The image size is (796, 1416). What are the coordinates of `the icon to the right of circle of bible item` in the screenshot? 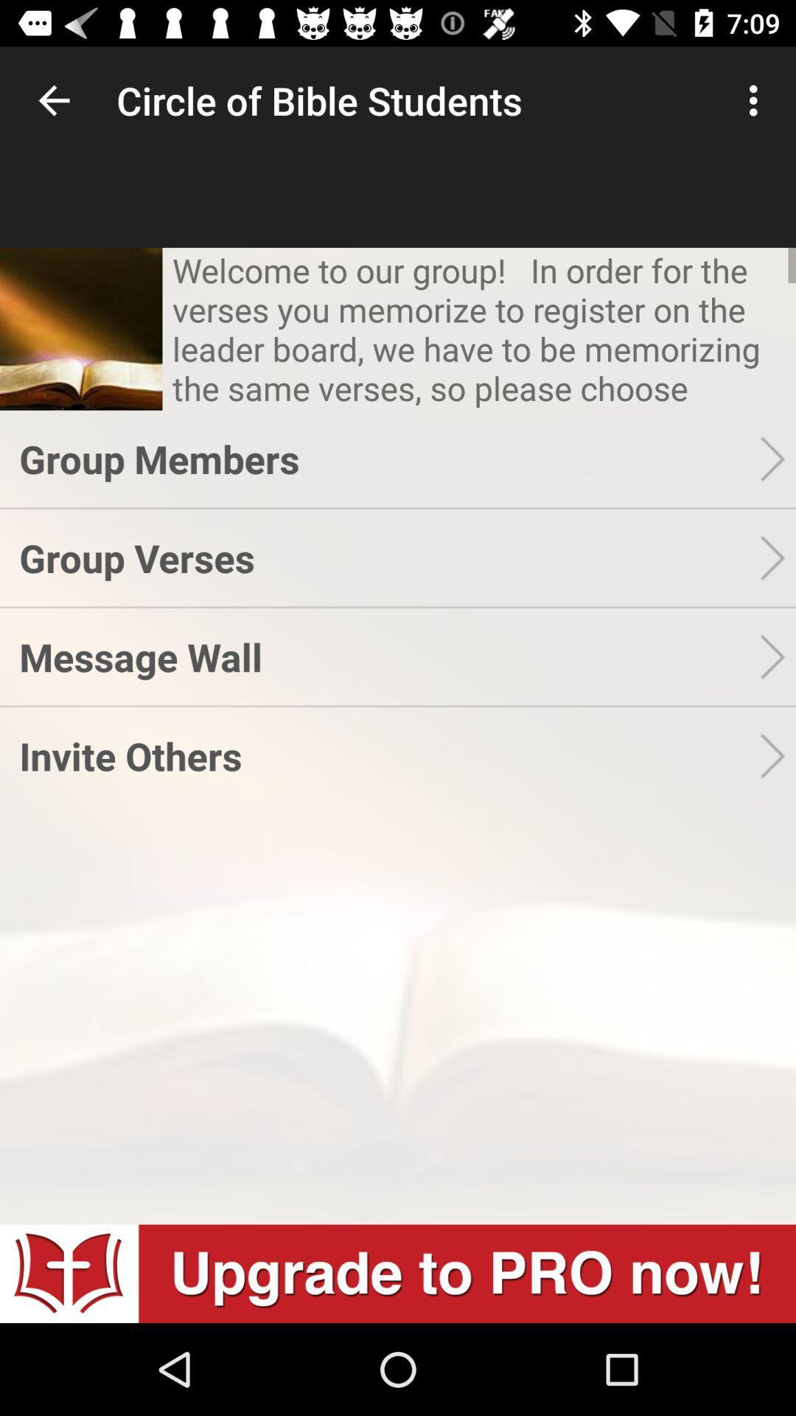 It's located at (757, 100).